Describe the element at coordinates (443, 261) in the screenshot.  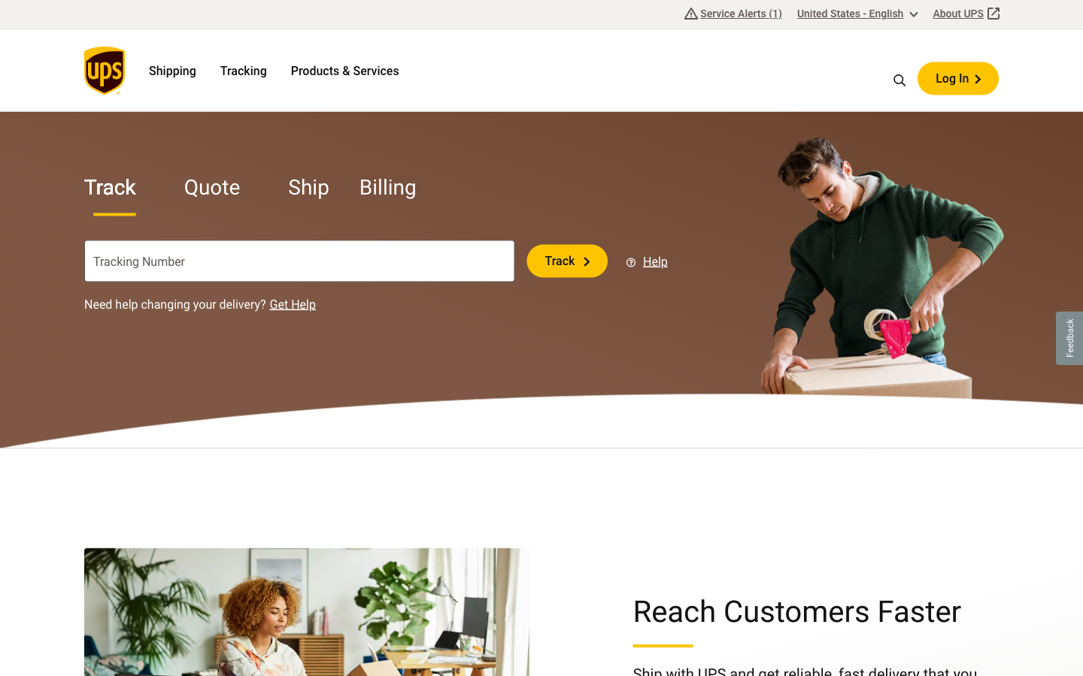
I see `Clear the content in the tracking bar` at that location.